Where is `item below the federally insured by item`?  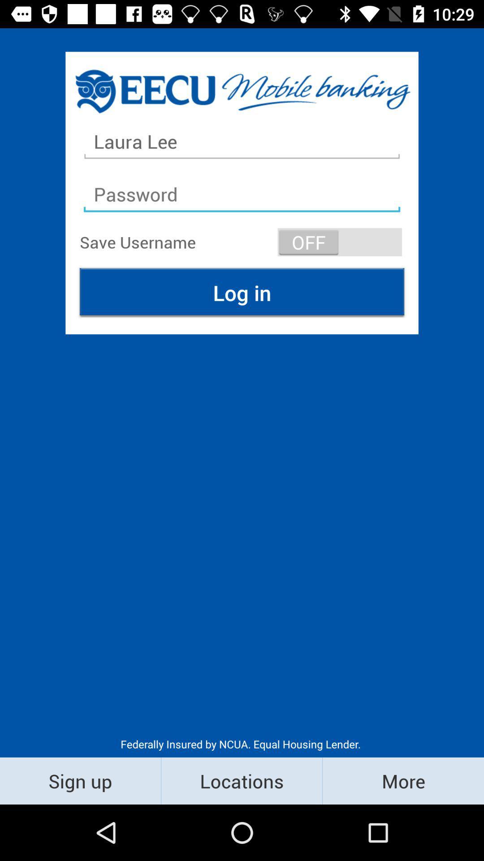 item below the federally insured by item is located at coordinates (80, 780).